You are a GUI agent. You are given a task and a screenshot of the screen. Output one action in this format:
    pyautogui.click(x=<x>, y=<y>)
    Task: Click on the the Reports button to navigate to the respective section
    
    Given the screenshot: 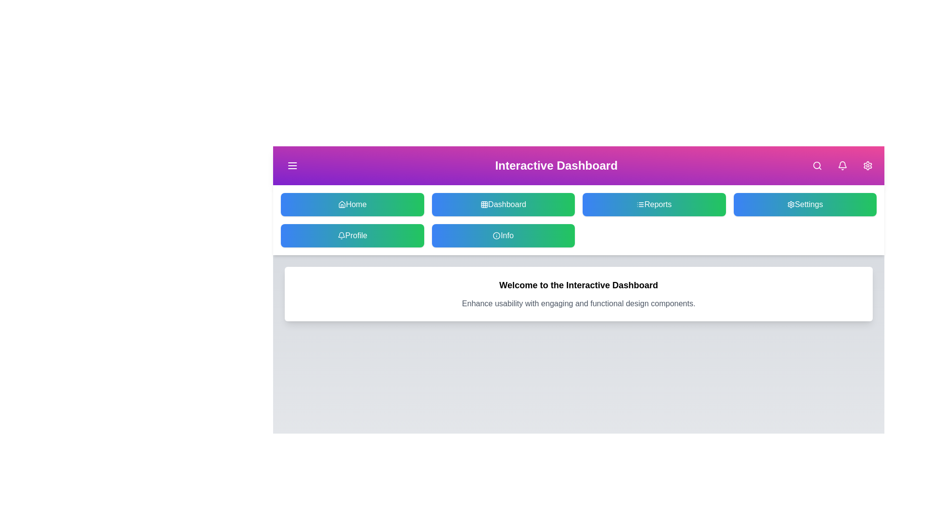 What is the action you would take?
    pyautogui.click(x=654, y=204)
    